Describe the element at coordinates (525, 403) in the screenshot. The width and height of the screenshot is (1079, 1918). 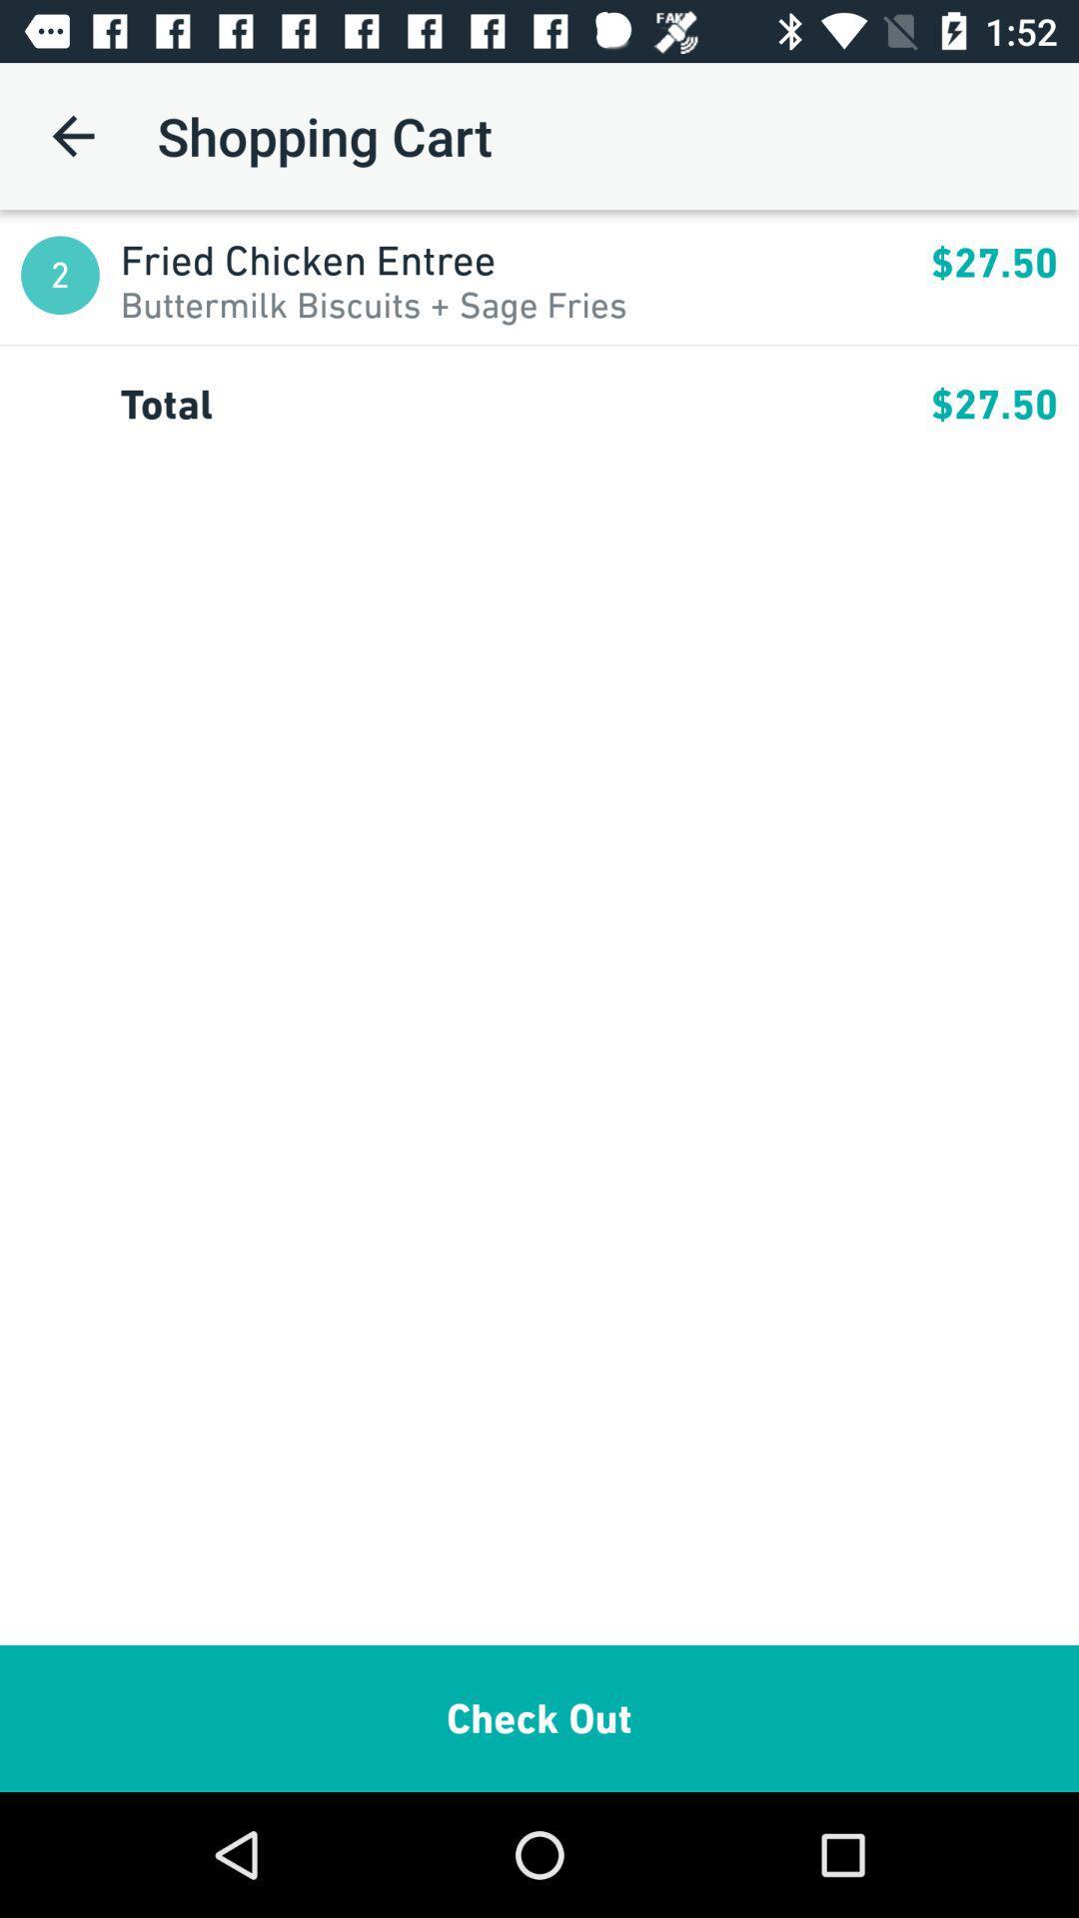
I see `app above the check out item` at that location.